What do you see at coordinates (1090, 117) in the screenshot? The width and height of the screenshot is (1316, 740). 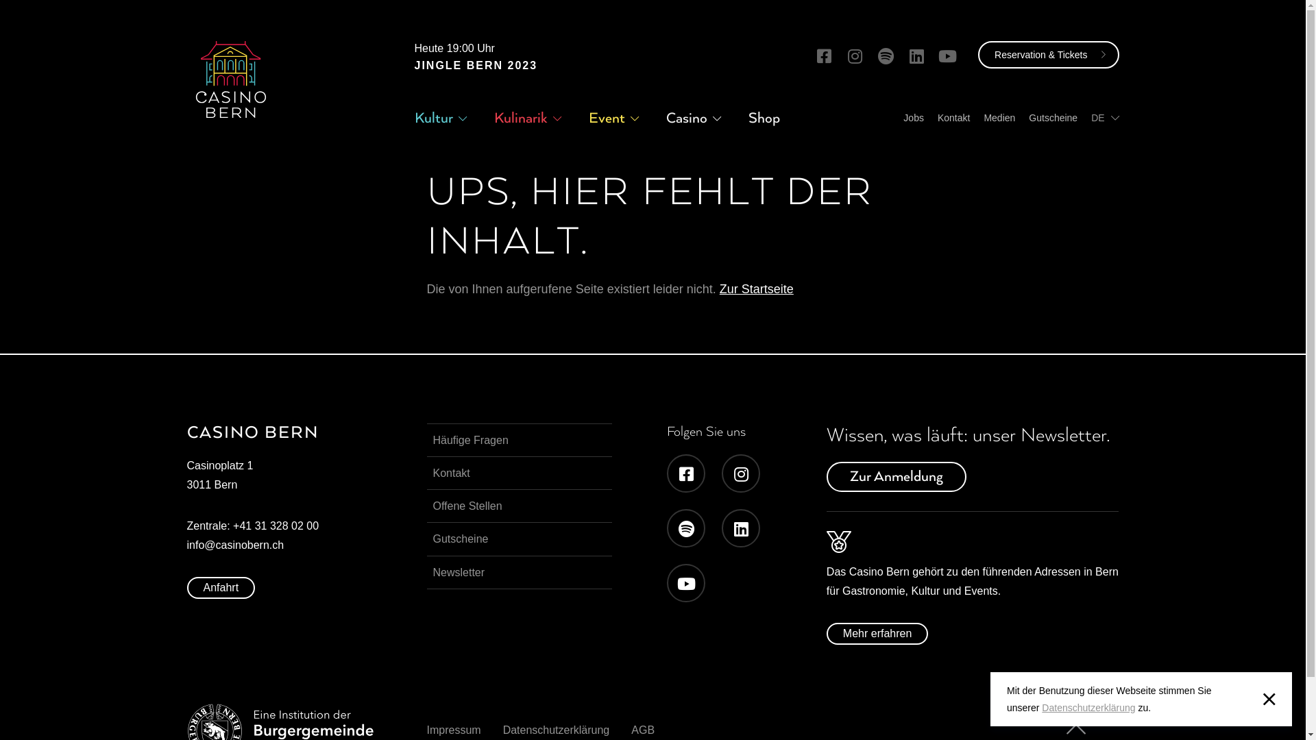 I see `'DE'` at bounding box center [1090, 117].